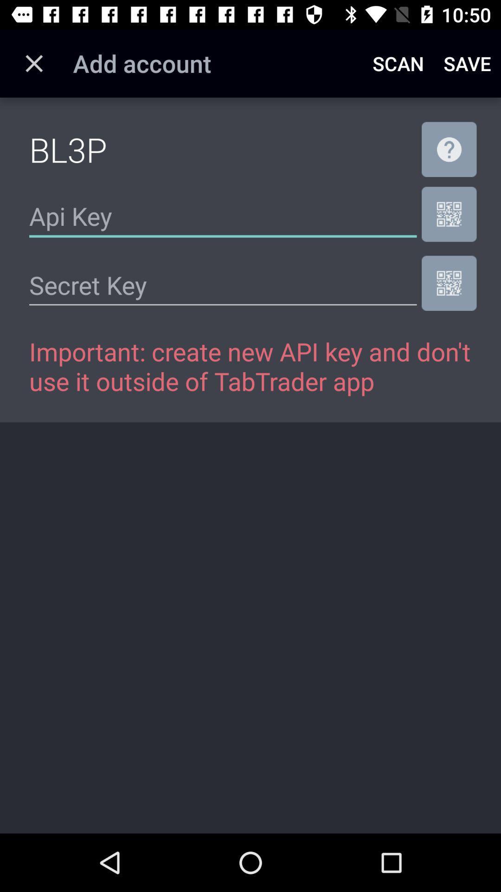  What do you see at coordinates (467, 63) in the screenshot?
I see `the item next to the scan icon` at bounding box center [467, 63].